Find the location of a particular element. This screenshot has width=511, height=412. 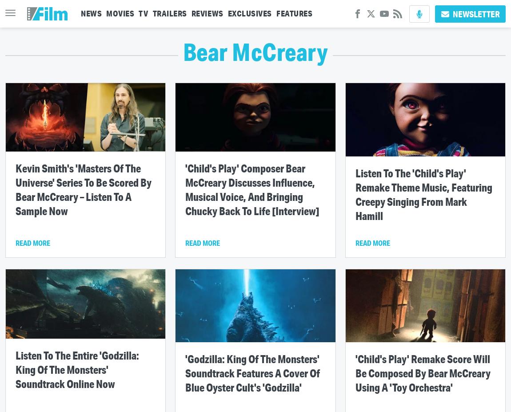

'Kevin Smith's 'Masters Of The Universe' Series To Be Scored By Bear McCreary – Listen To A Sample Now' is located at coordinates (83, 188).